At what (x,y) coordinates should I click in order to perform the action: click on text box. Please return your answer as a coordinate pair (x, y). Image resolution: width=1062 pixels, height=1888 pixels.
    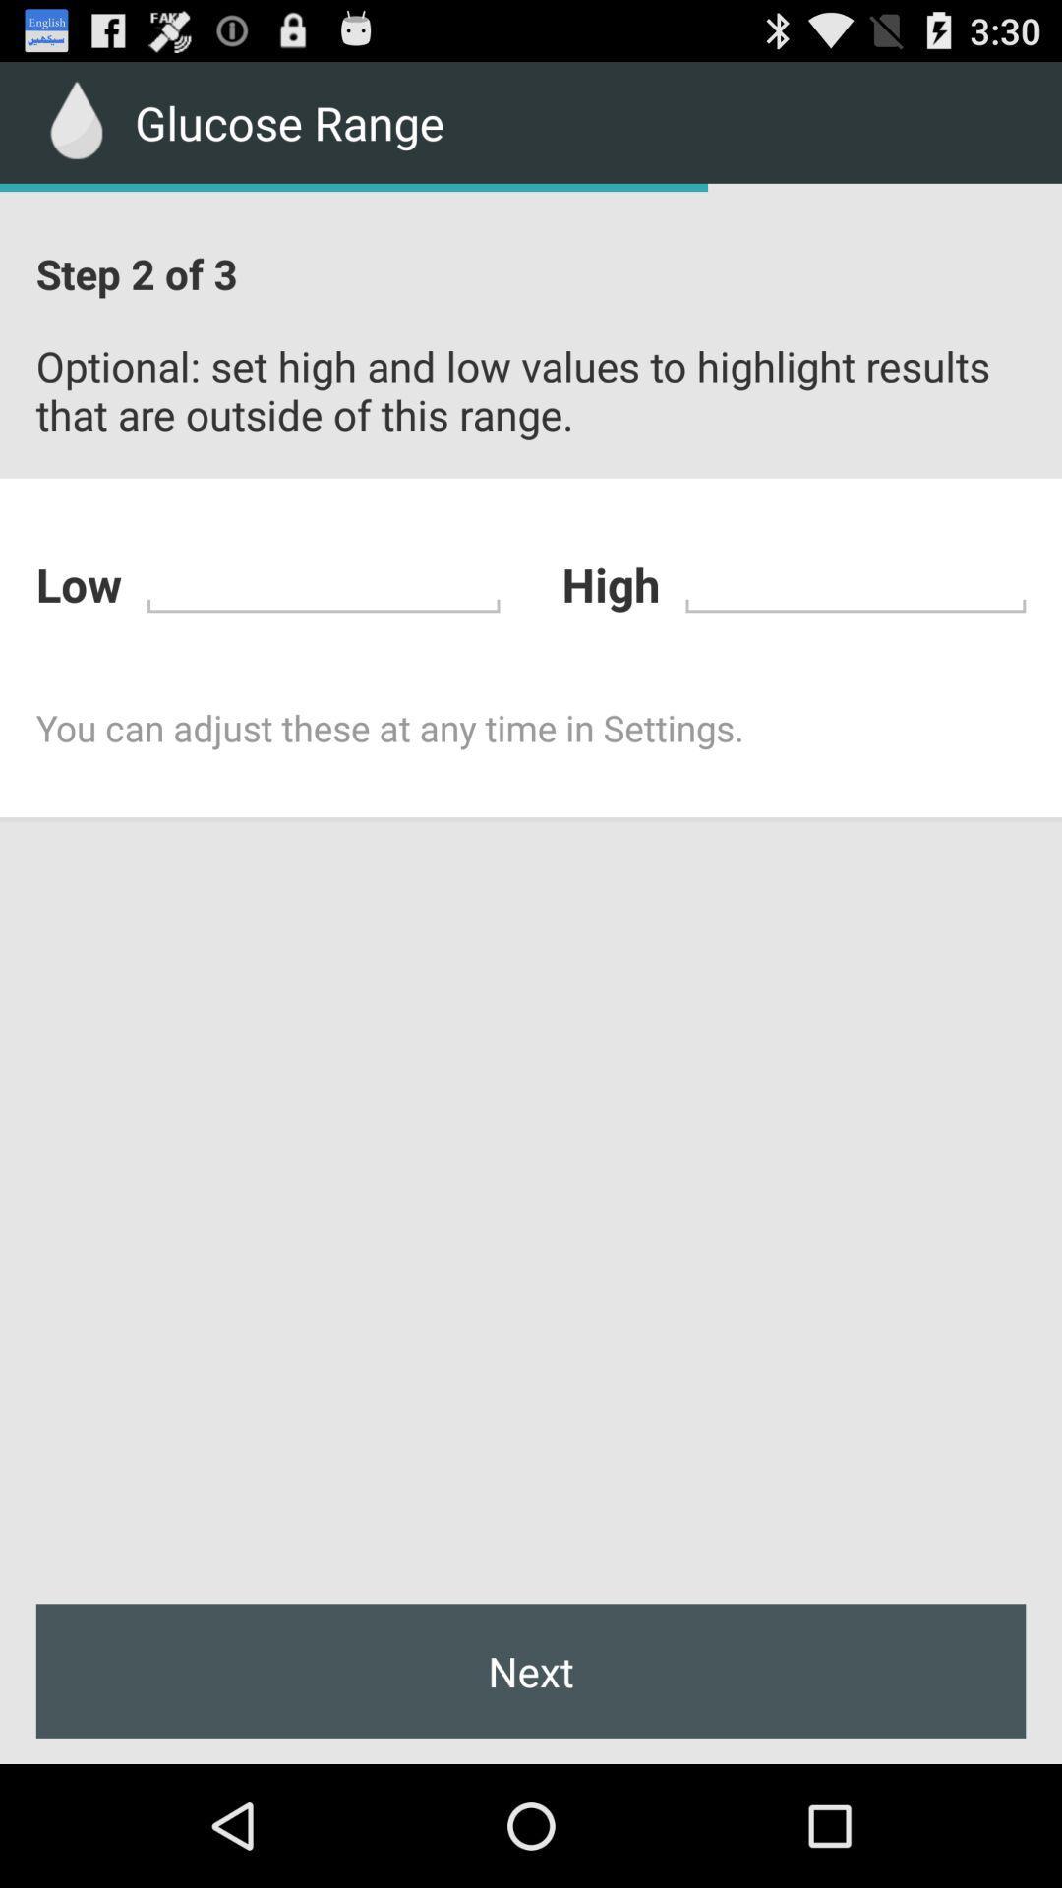
    Looking at the image, I should click on (855, 580).